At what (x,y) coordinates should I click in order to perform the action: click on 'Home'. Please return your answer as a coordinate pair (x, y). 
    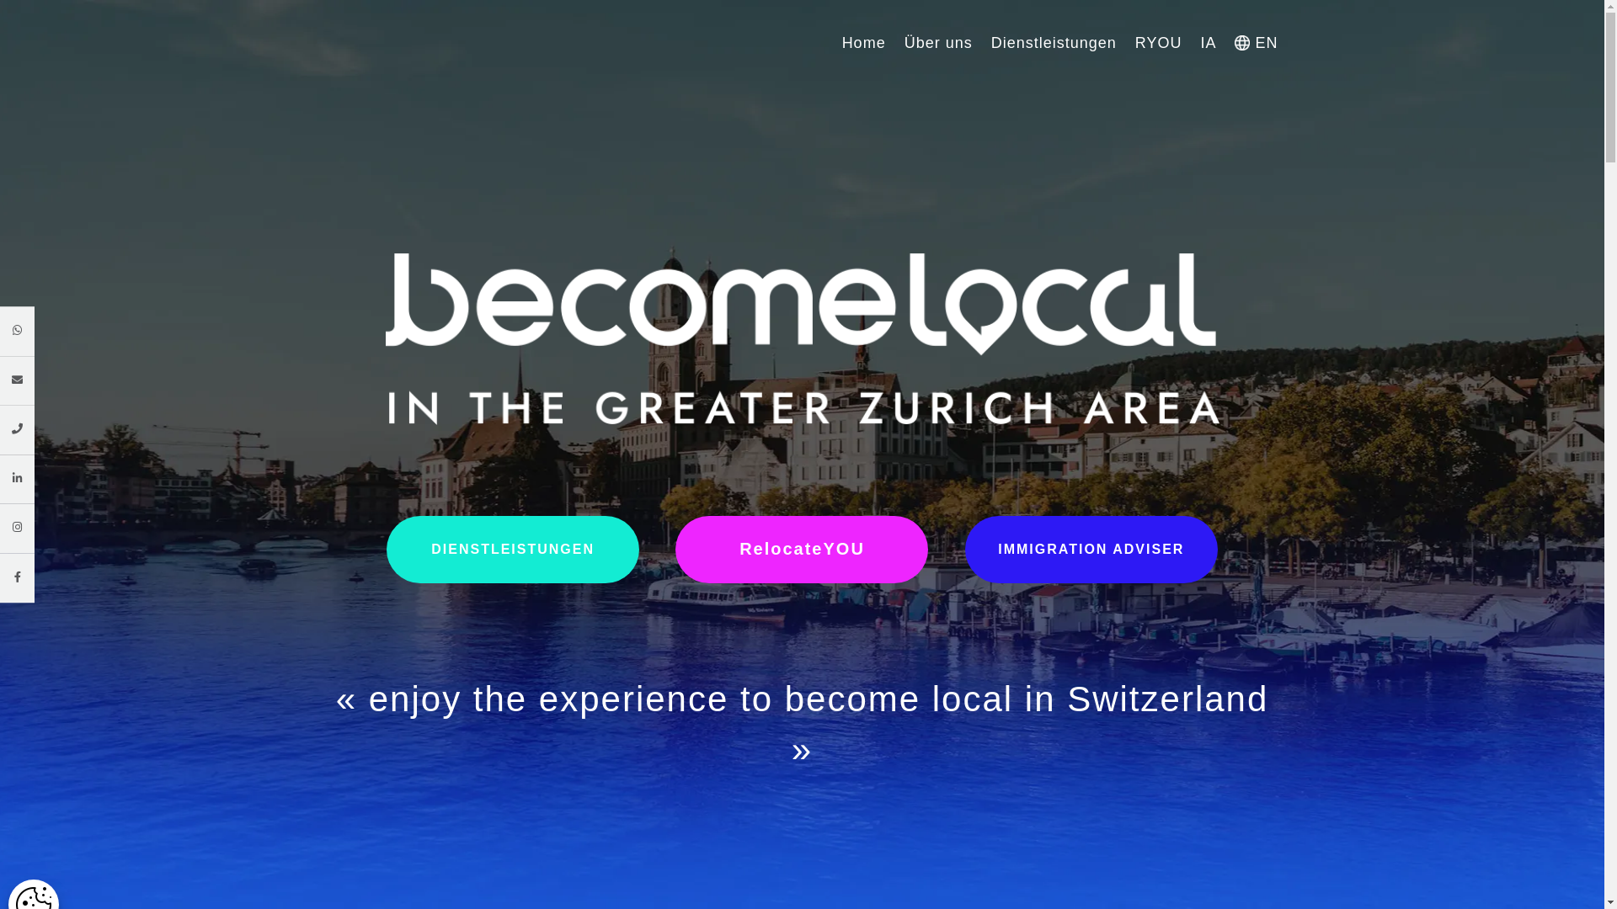
    Looking at the image, I should click on (841, 41).